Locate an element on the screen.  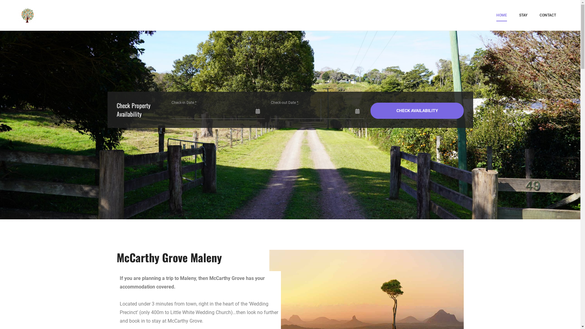
'49 McCarthy Rd, Maleny Queesnland' is located at coordinates (289, 208).